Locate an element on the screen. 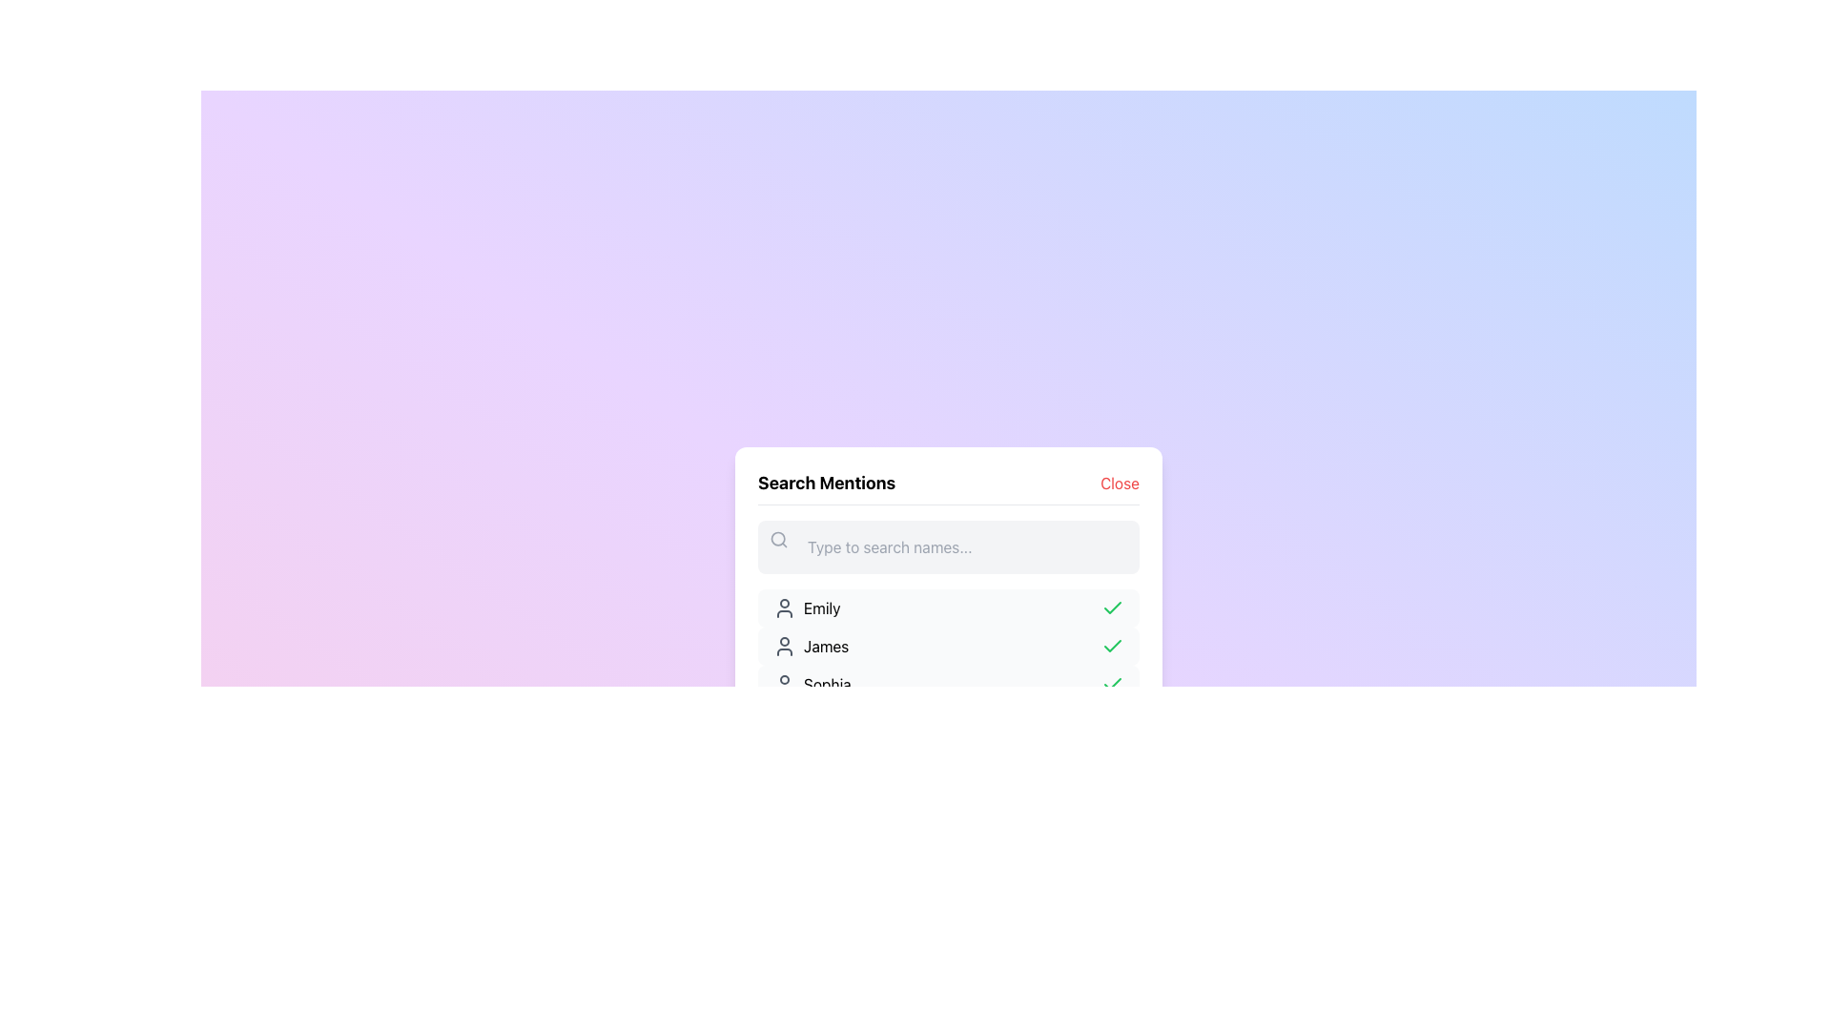 This screenshot has width=1831, height=1030. the checkbox on the list item for 'Sophia' to toggle selection is located at coordinates (948, 683).